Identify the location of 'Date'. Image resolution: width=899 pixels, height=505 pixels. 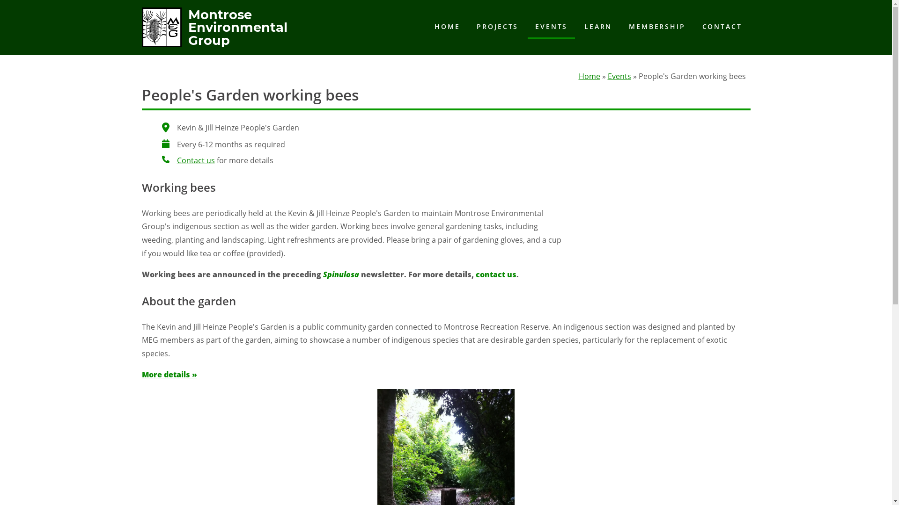
(166, 144).